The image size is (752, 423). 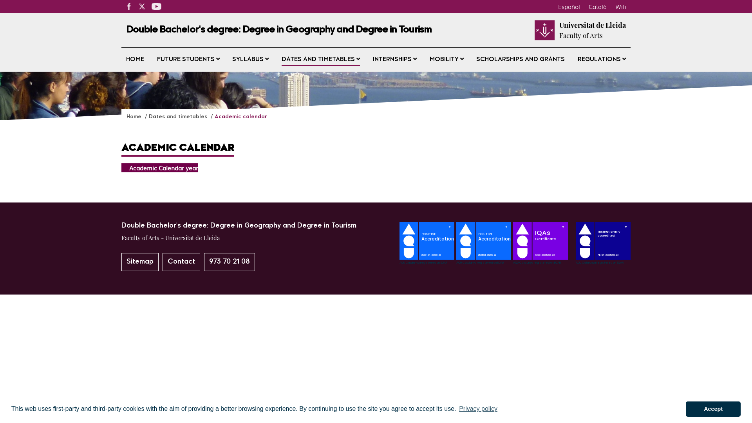 I want to click on 'Privacy policy', so click(x=477, y=409).